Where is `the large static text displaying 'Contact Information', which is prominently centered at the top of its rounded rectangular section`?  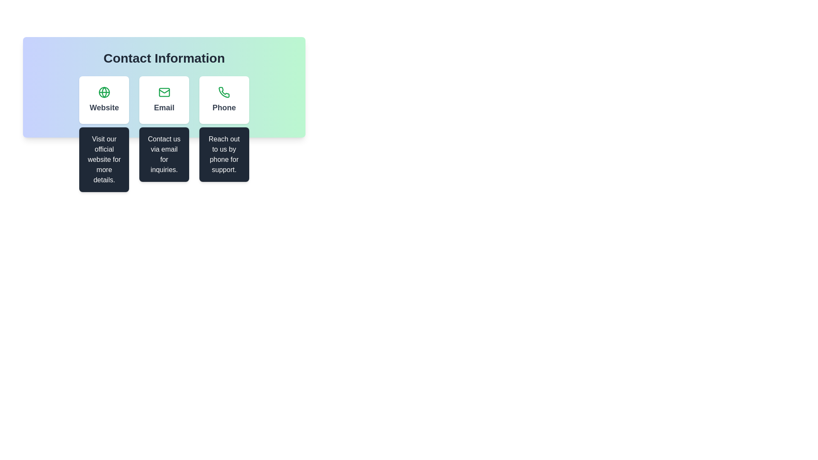 the large static text displaying 'Contact Information', which is prominently centered at the top of its rounded rectangular section is located at coordinates (164, 58).